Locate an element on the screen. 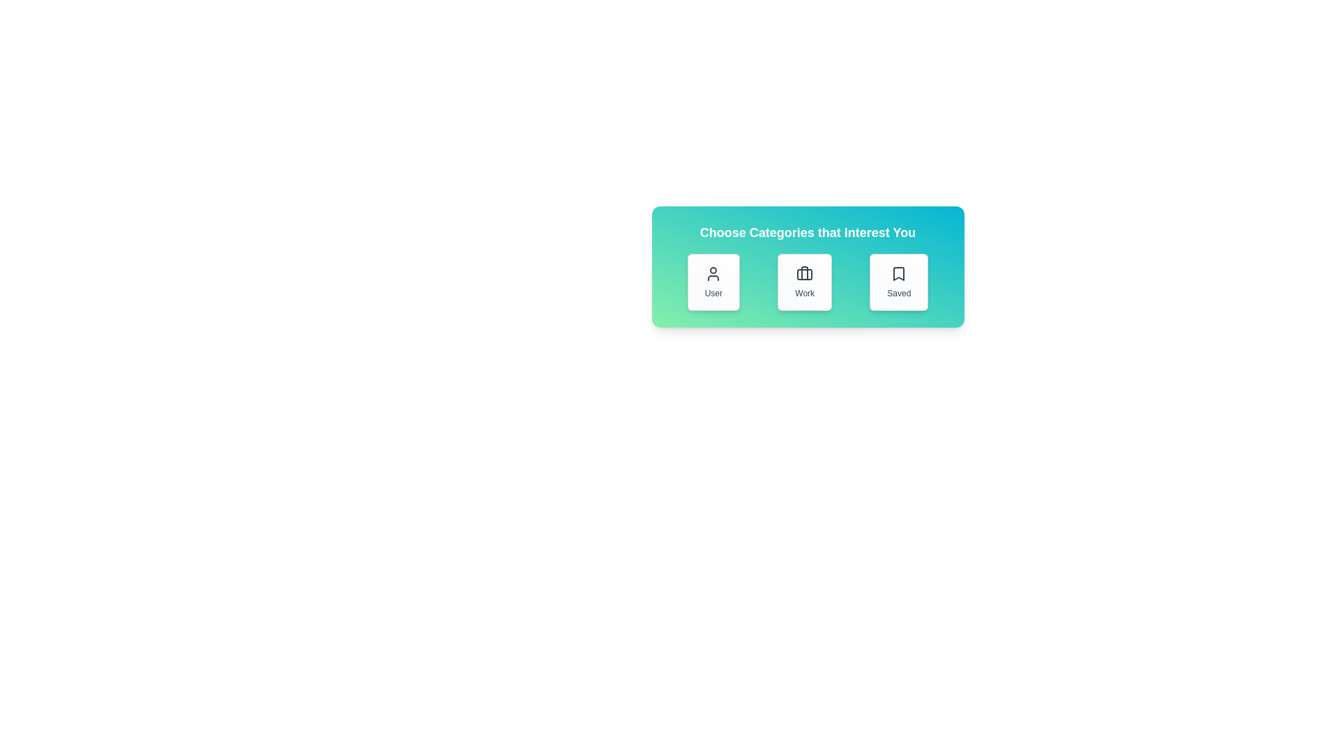 This screenshot has height=753, width=1339. the category Saved is located at coordinates (899, 282).